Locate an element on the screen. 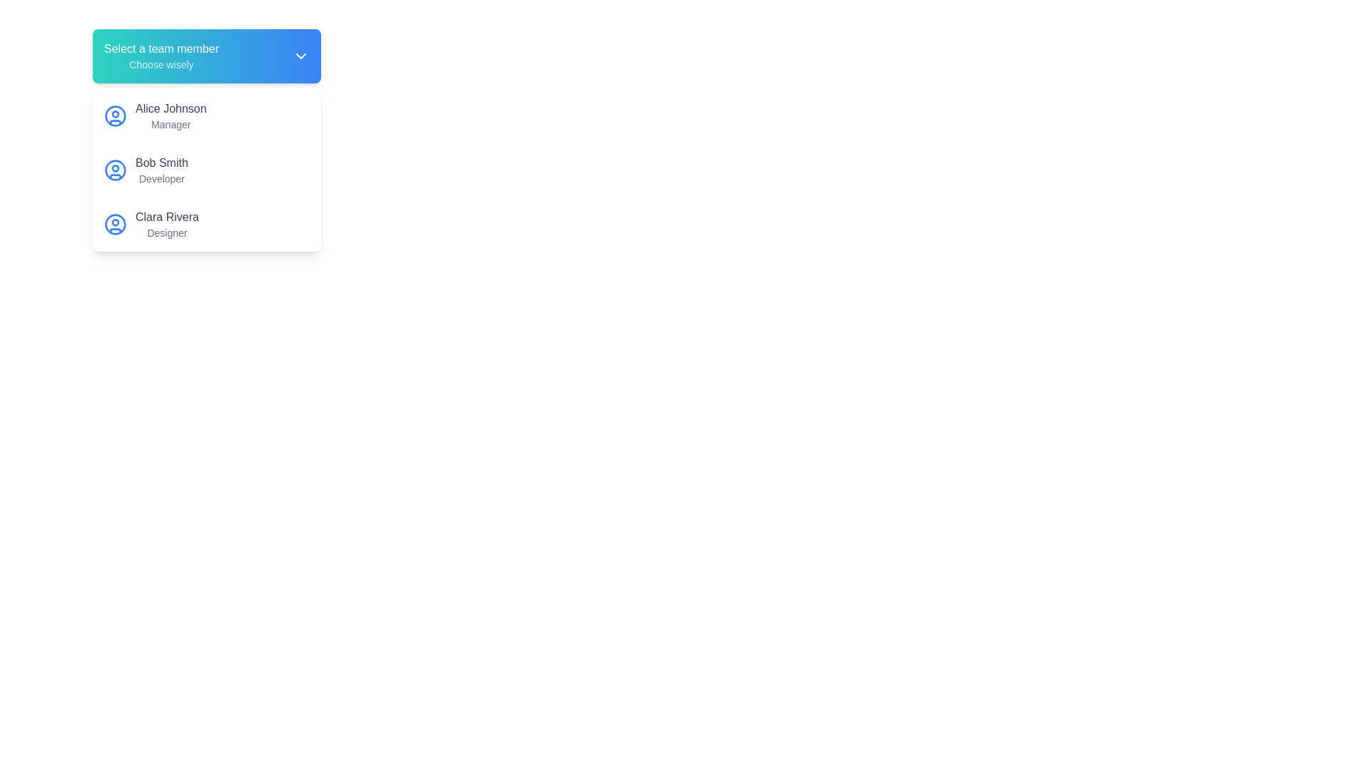 The width and height of the screenshot is (1370, 770). the text label that displays the name of the individual associated with the list item is located at coordinates (161, 162).